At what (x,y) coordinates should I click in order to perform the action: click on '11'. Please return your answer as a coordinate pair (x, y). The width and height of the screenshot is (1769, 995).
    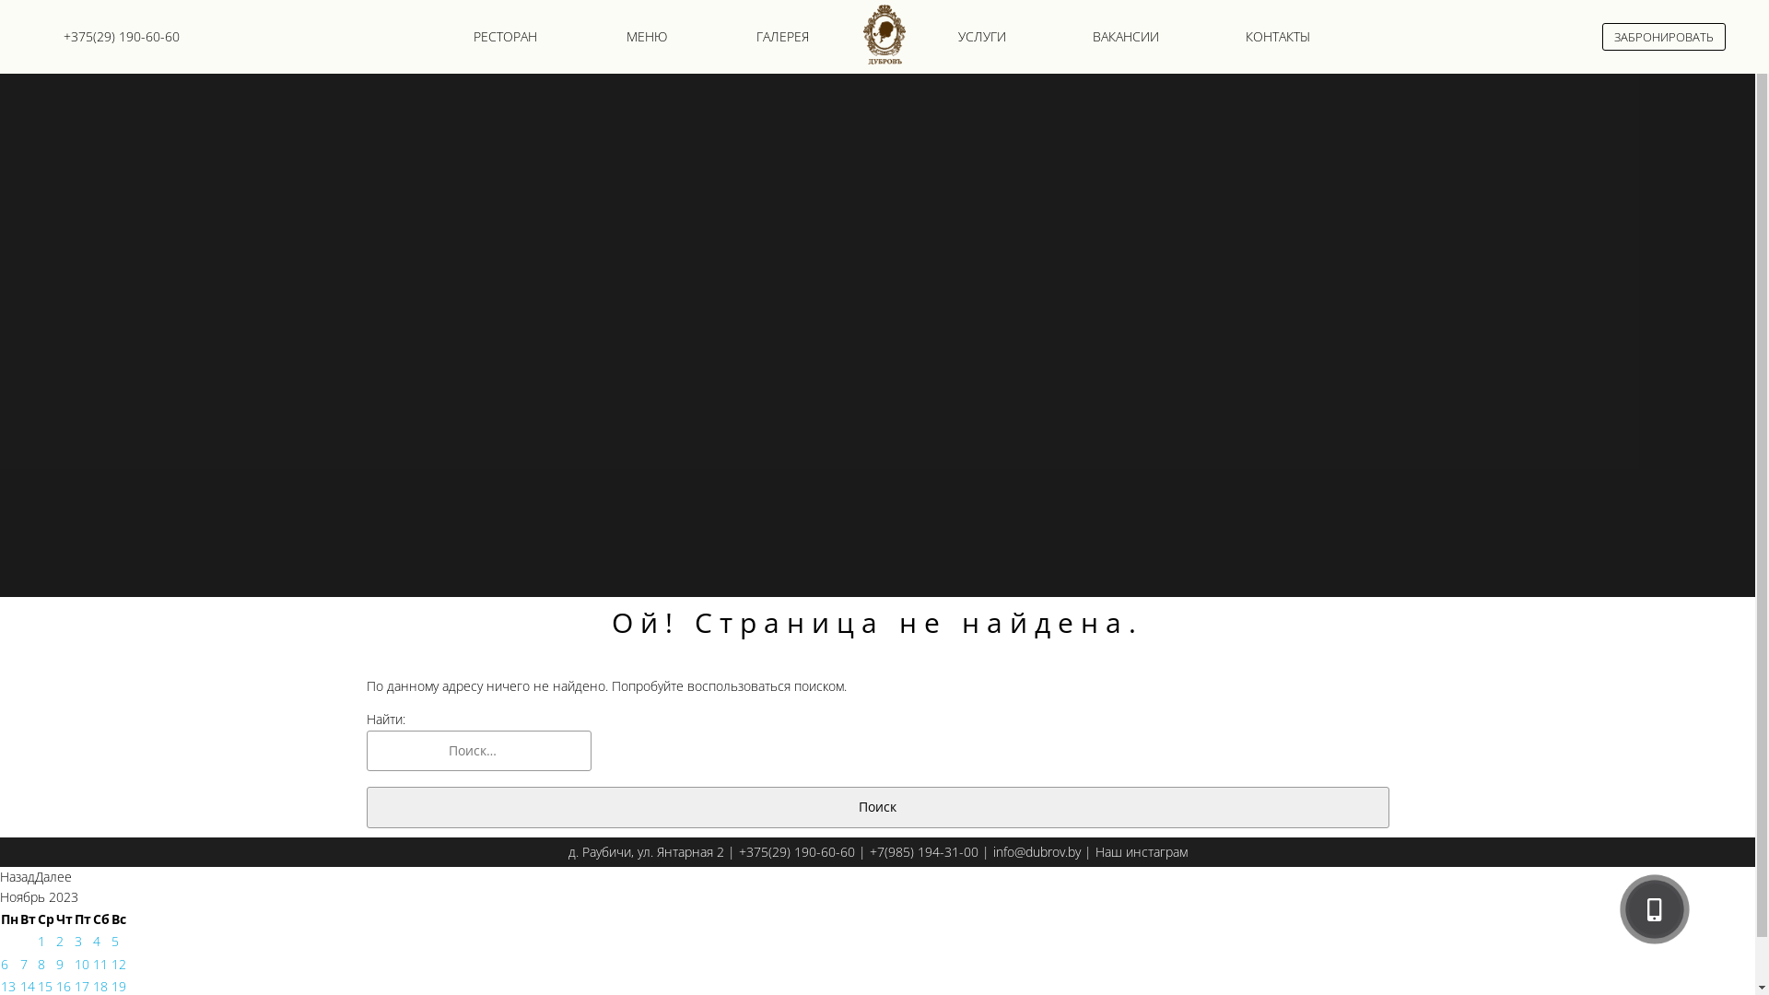
    Looking at the image, I should click on (91, 963).